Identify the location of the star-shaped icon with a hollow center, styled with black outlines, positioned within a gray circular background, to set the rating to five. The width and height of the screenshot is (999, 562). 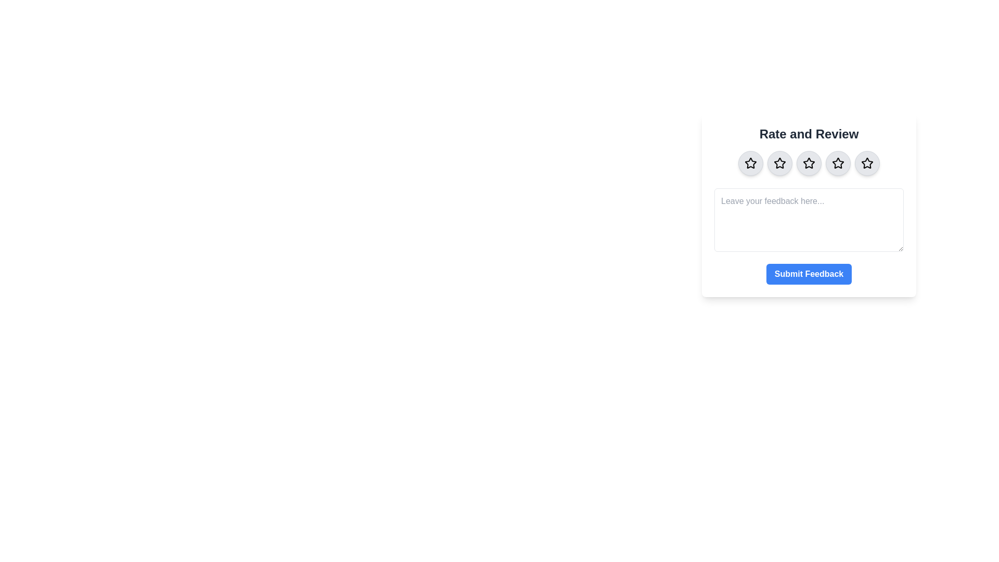
(867, 163).